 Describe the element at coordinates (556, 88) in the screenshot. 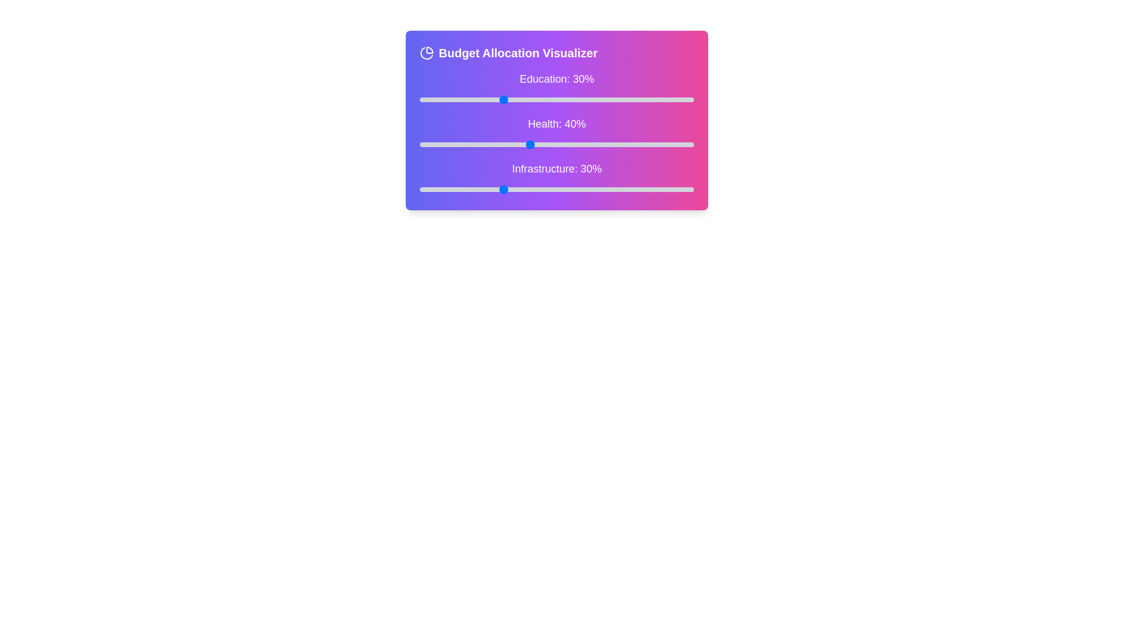

I see `label 'Education: 30%' associated with the horizontal slider located beneath the title 'Budget Allocation Visualizer'` at that location.